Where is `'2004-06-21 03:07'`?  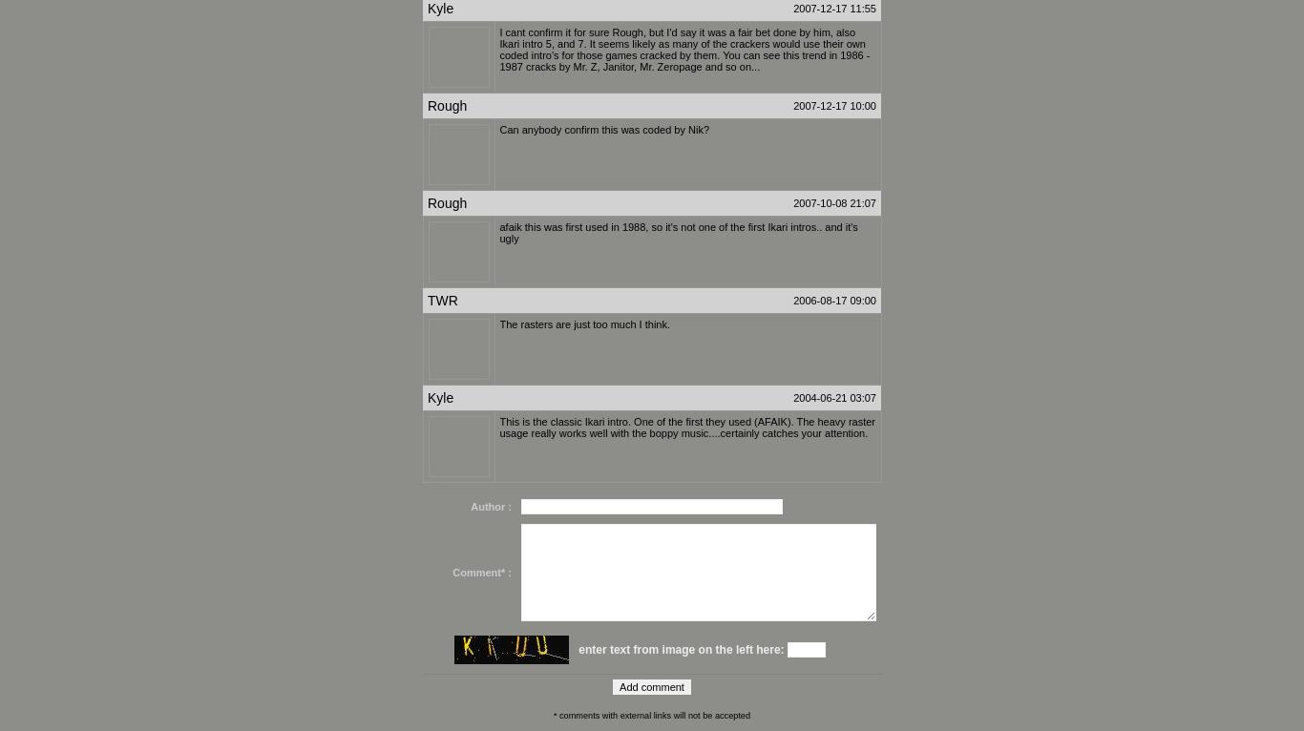
'2004-06-21 03:07' is located at coordinates (833, 397).